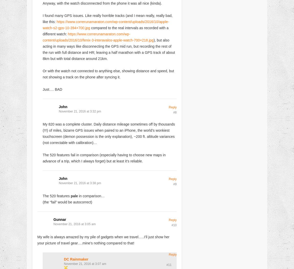 The image size is (294, 269). What do you see at coordinates (175, 112) in the screenshot?
I see `'#8'` at bounding box center [175, 112].